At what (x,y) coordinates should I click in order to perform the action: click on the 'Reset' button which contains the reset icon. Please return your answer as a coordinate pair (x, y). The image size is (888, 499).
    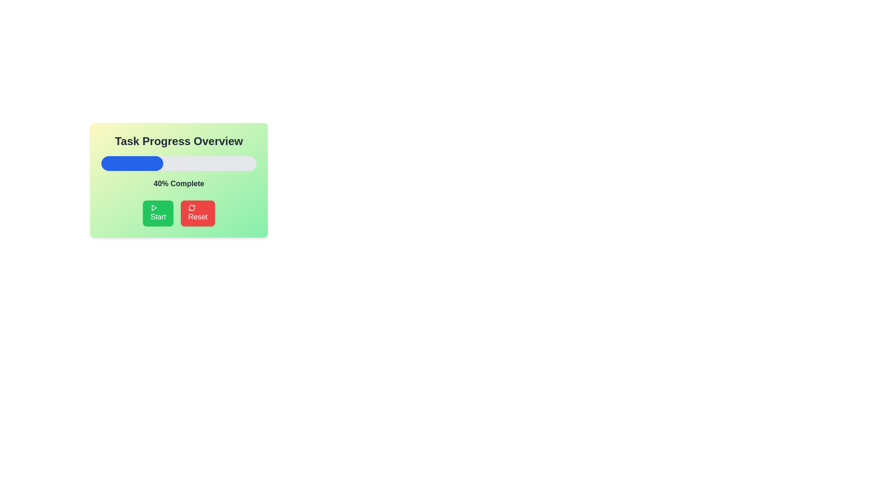
    Looking at the image, I should click on (191, 208).